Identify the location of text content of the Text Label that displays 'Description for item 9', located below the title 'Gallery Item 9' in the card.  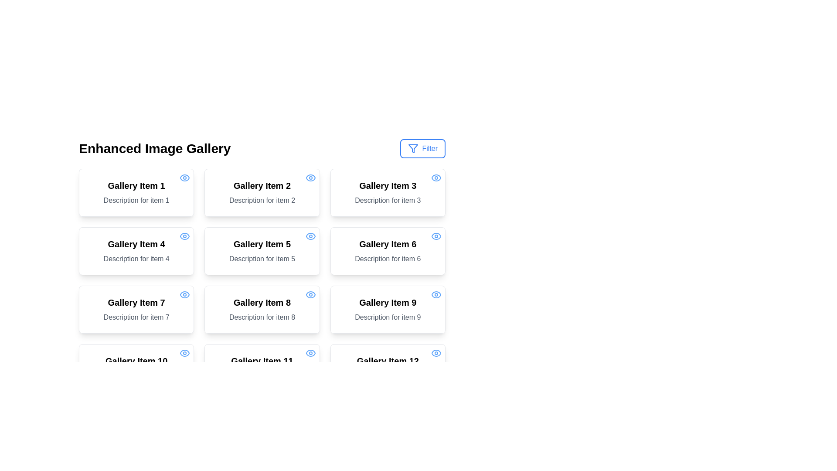
(387, 317).